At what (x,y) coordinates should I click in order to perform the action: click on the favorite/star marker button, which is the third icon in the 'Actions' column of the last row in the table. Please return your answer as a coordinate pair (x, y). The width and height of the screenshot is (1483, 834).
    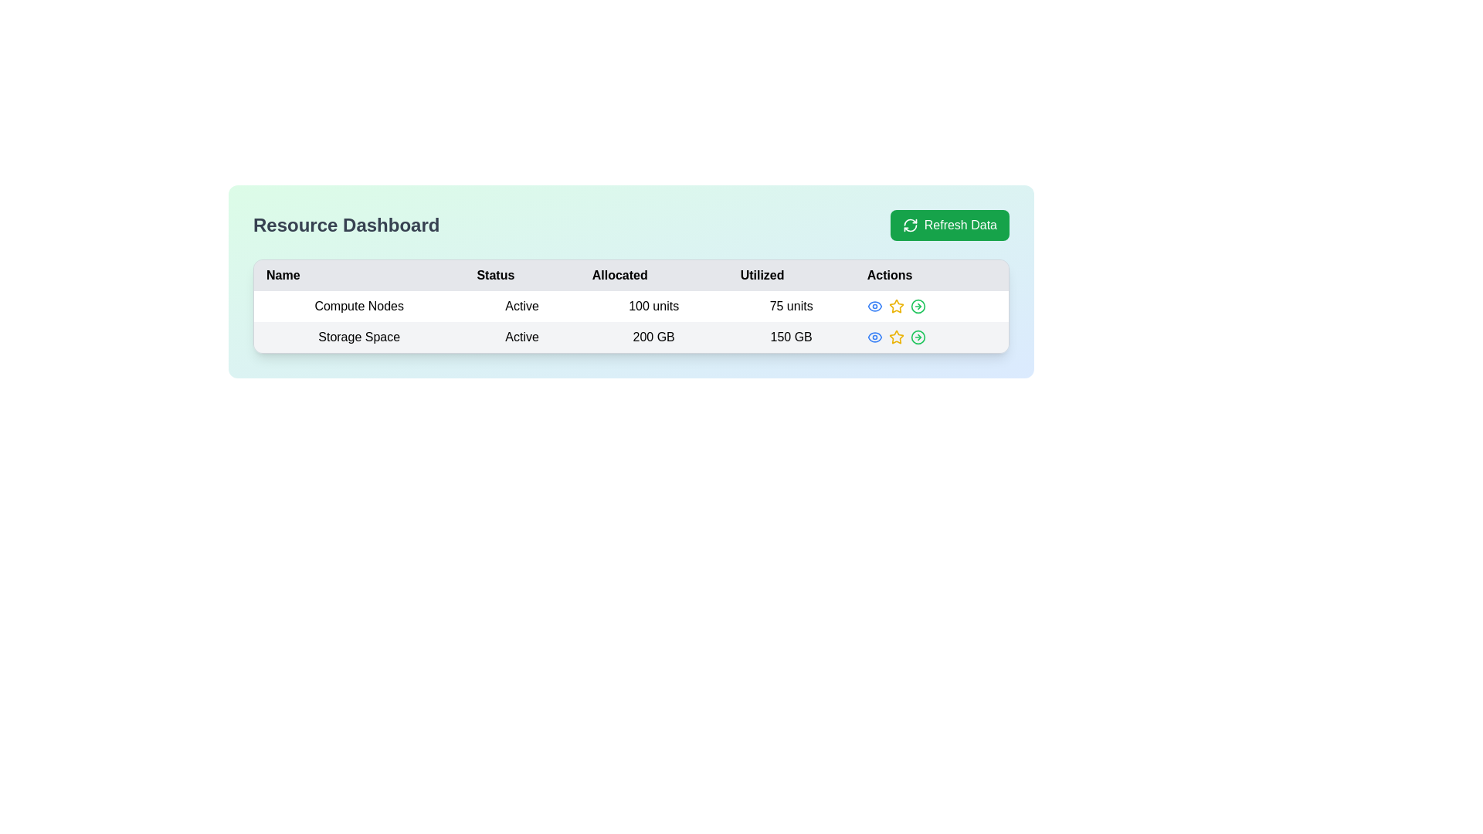
    Looking at the image, I should click on (896, 307).